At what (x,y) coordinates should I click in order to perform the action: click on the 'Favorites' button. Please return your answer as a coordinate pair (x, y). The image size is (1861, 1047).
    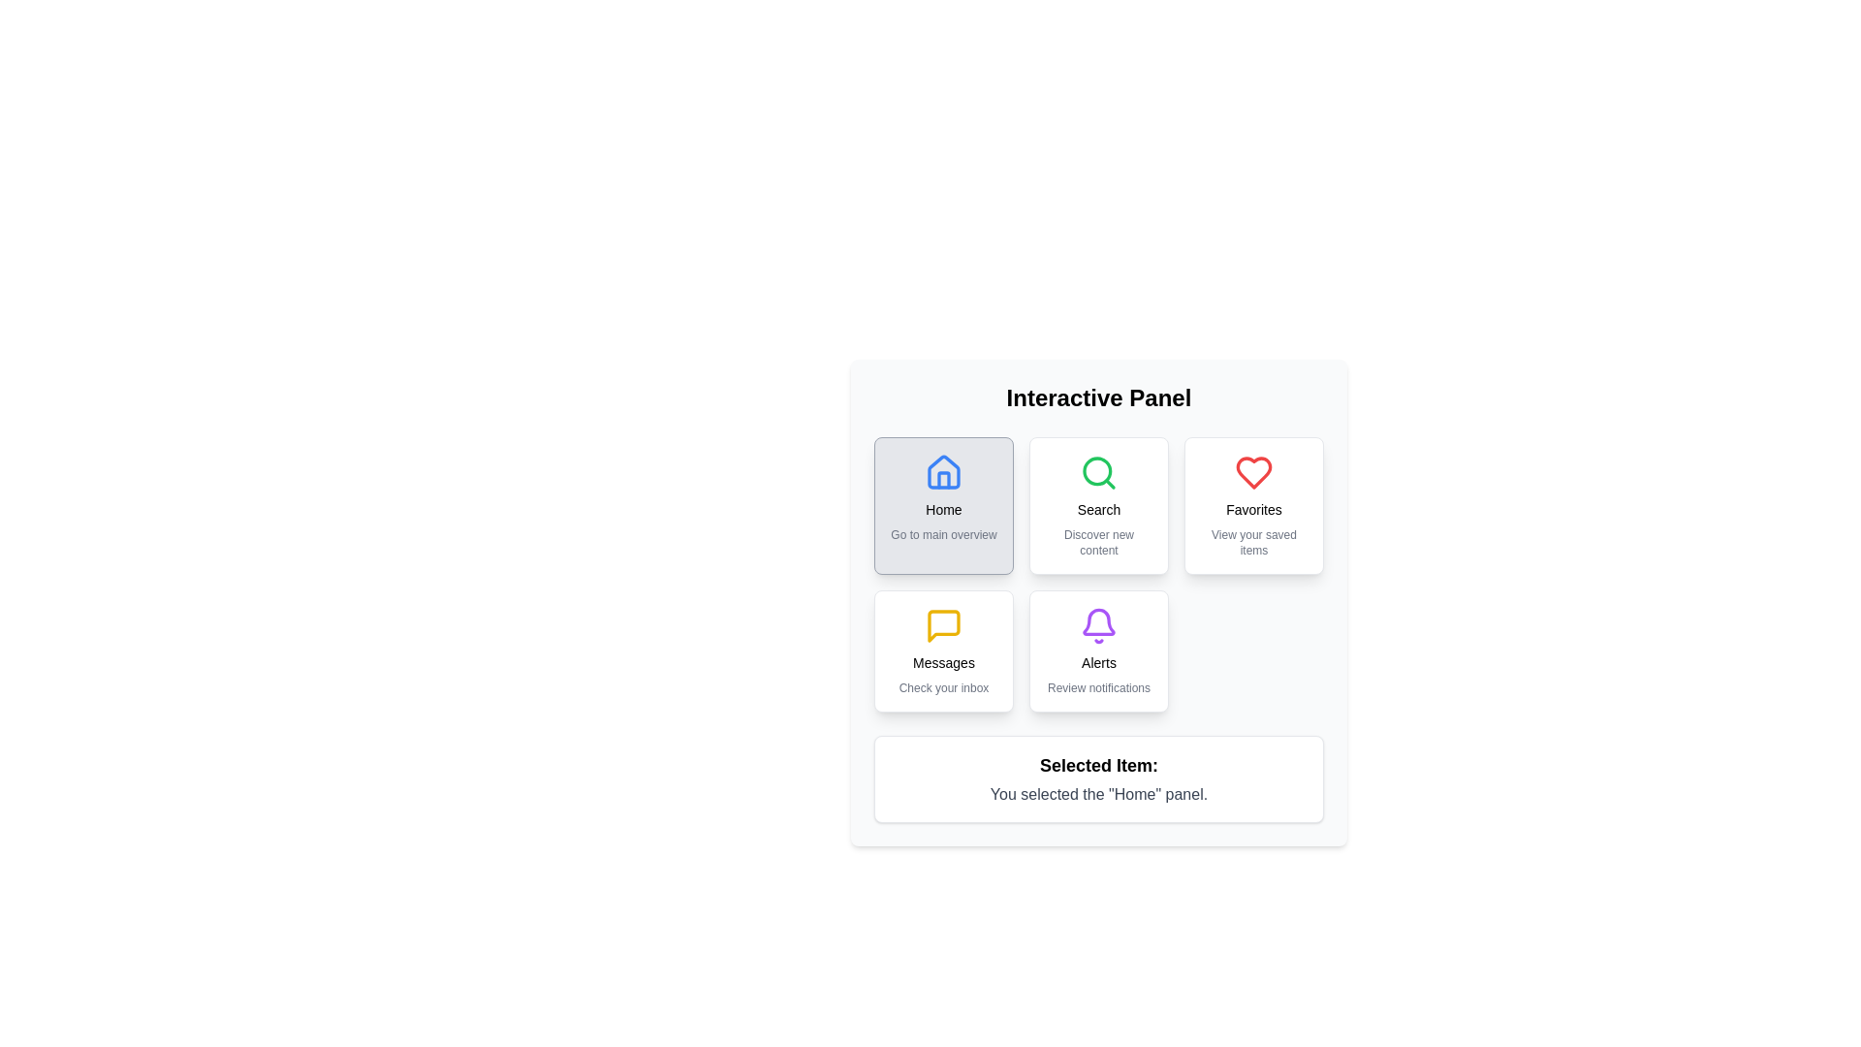
    Looking at the image, I should click on (1254, 504).